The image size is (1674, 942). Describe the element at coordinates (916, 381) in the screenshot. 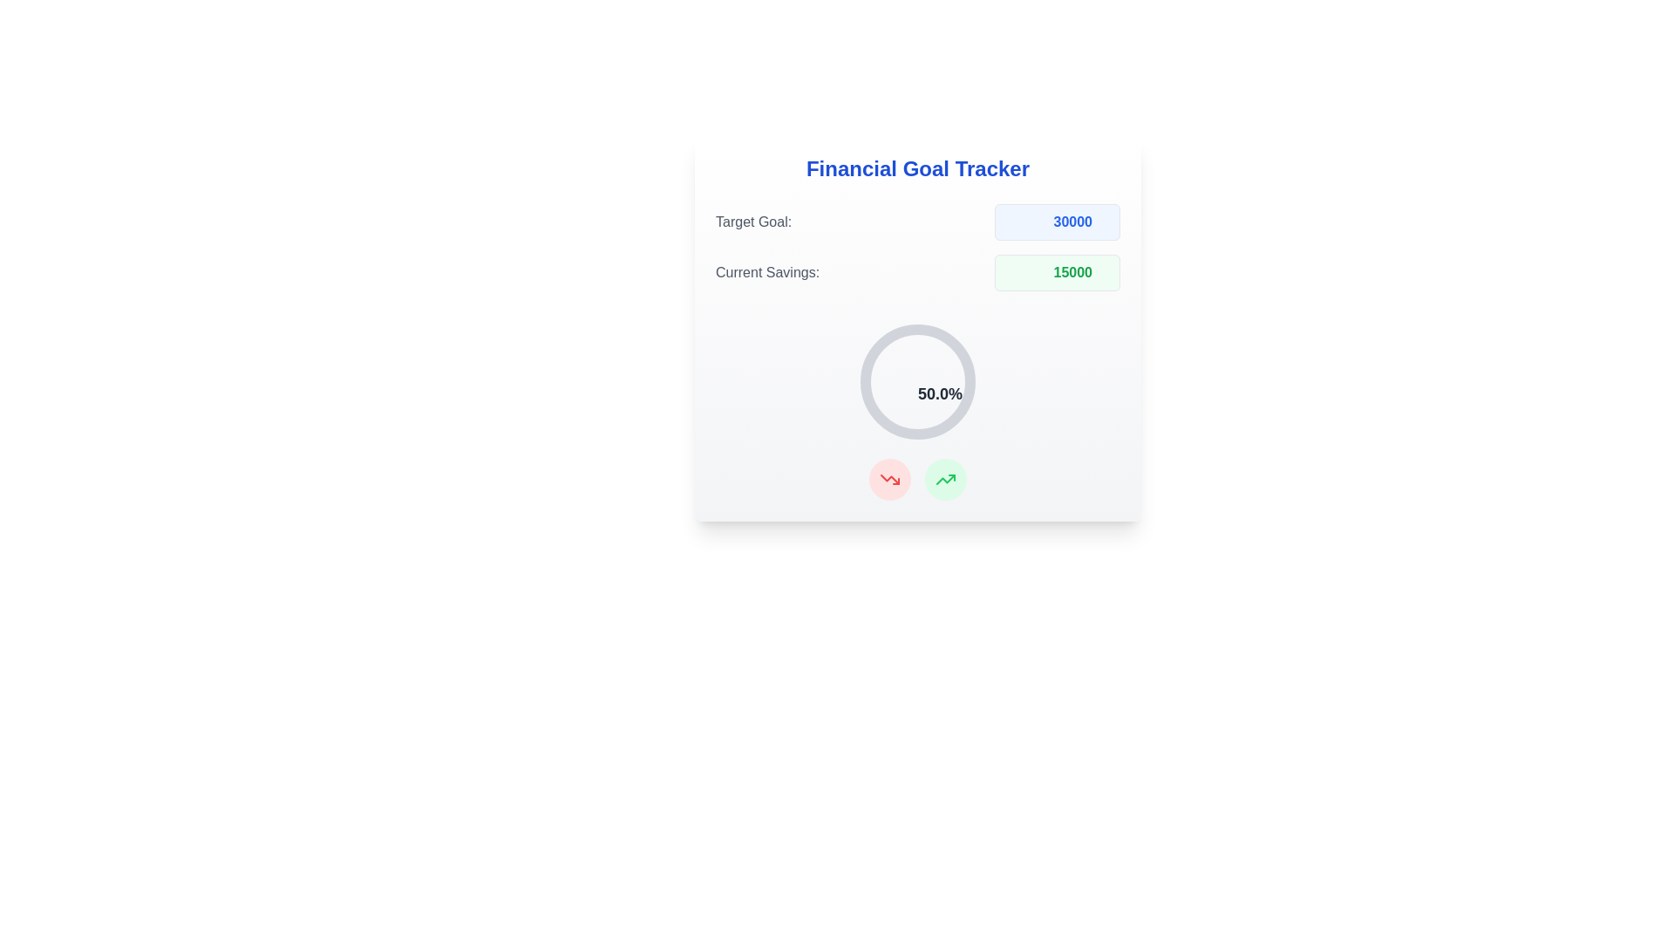

I see `the circular progress indicator displaying '50.0%' which is centrally located below 'Target Goal' and 'Current Savings' text fields and above the up and down arrow buttons` at that location.